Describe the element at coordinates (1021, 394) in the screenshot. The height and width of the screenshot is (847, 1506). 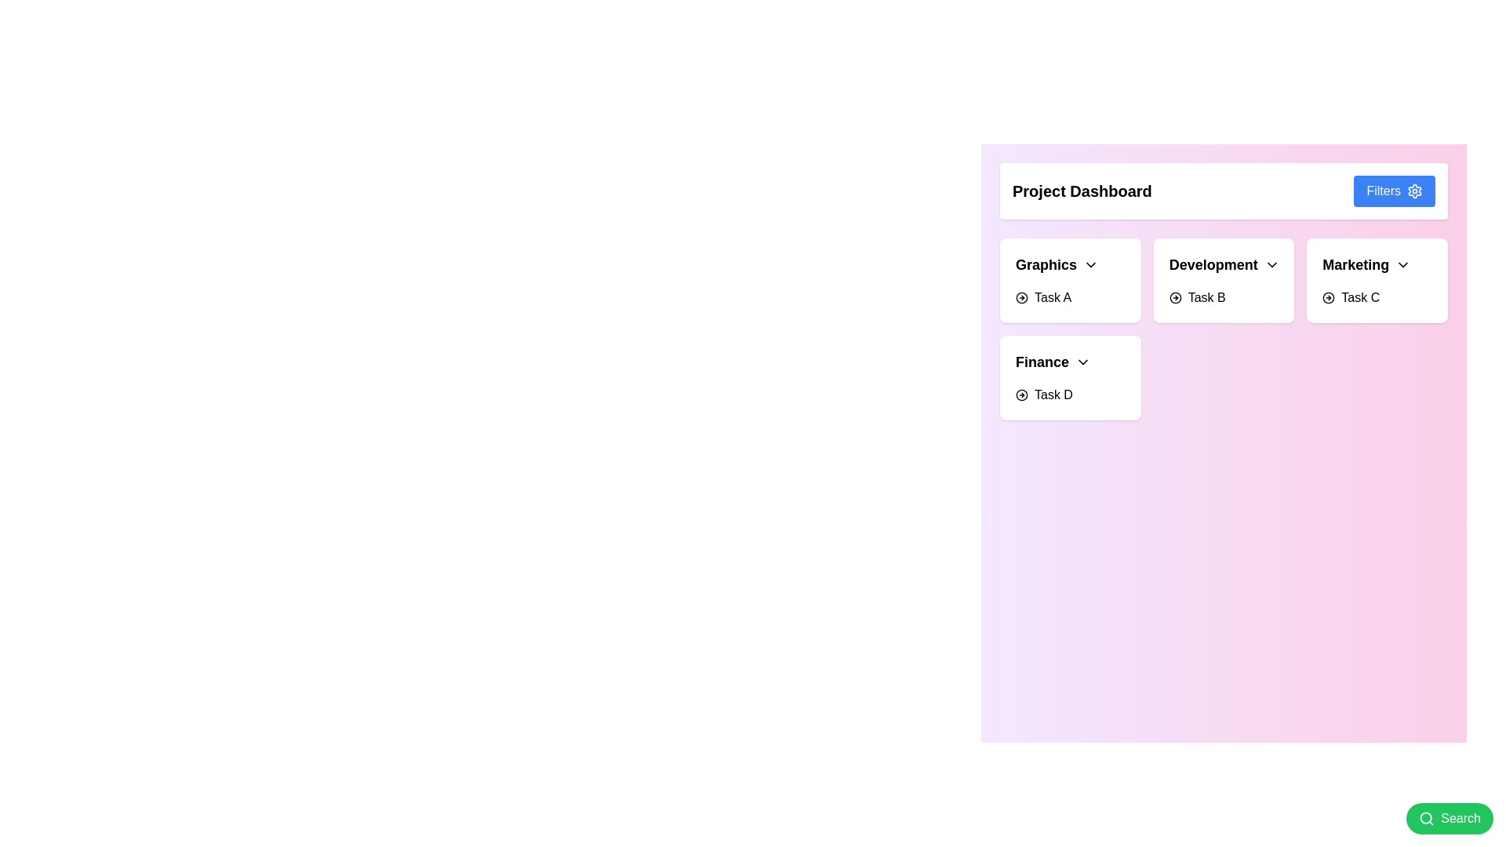
I see `the Icon Button located to the left of the text 'Task D' in the Finance section of the Project Dashboard interface` at that location.